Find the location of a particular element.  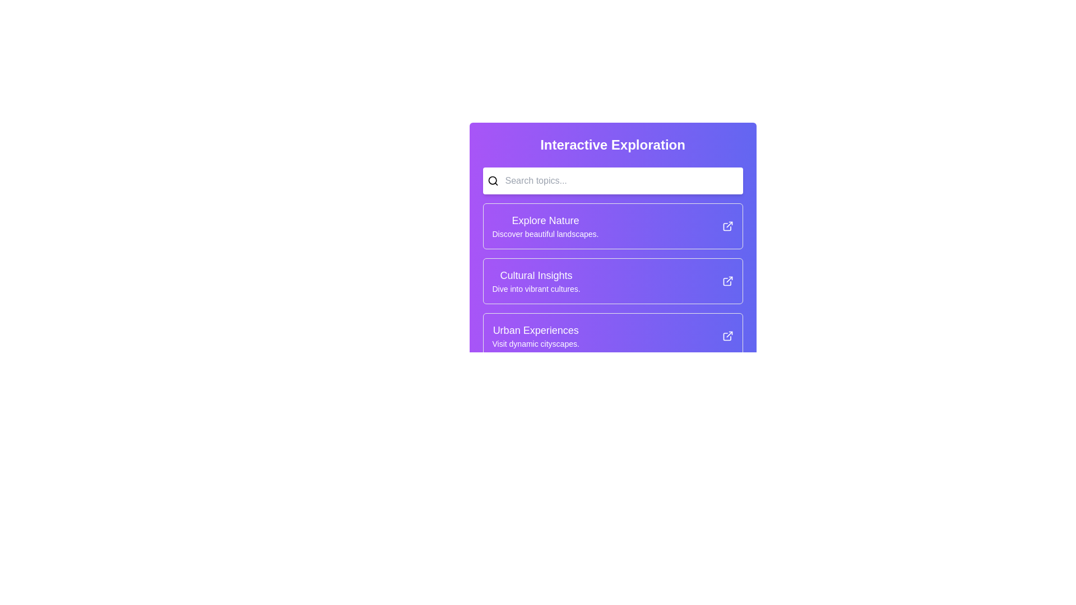

the 'Cultural Insights' button with a gradient purple background is located at coordinates (612, 280).